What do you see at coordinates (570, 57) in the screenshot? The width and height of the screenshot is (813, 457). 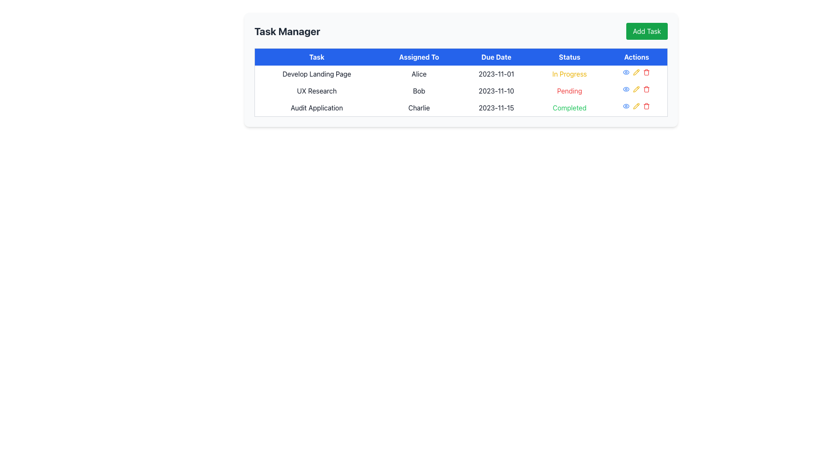 I see `the fourth column header cell labeled 'Status' in the table header row, which is positioned near the center-right of the table` at bounding box center [570, 57].